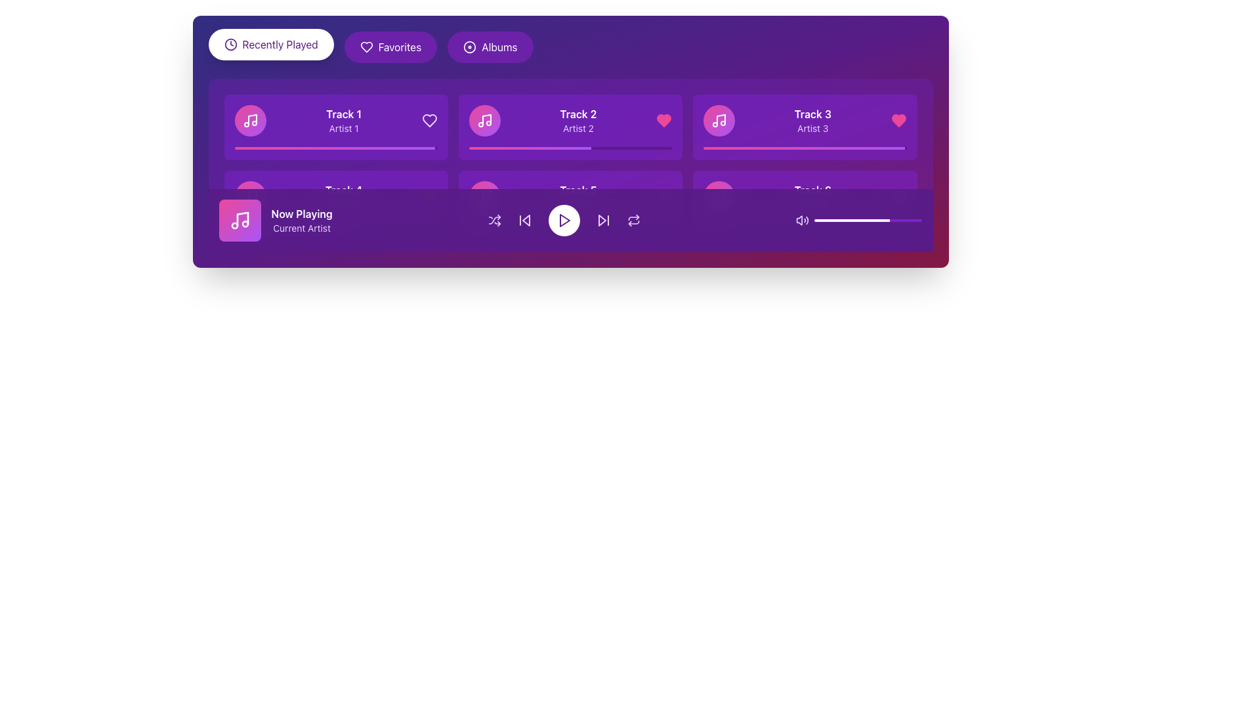  What do you see at coordinates (230, 44) in the screenshot?
I see `the SVG clock icon that is part of the 'Recently Played' button, located to the left of the text 'Recently Played'` at bounding box center [230, 44].